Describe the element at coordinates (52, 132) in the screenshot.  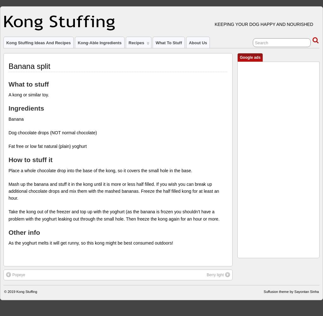
I see `'Dog chocolate drops (NOT normal chocolate)'` at that location.